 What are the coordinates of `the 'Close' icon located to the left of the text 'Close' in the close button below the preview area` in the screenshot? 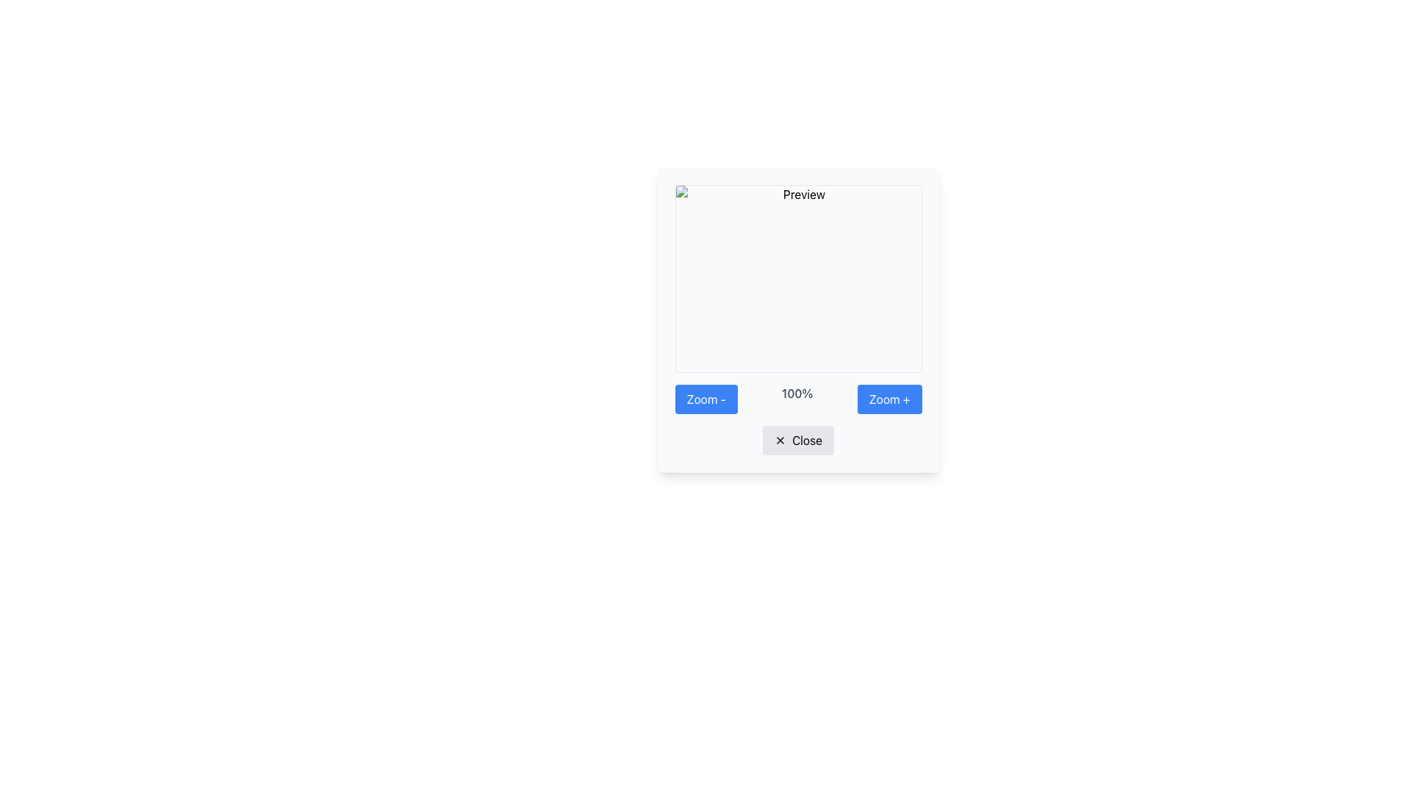 It's located at (780, 440).